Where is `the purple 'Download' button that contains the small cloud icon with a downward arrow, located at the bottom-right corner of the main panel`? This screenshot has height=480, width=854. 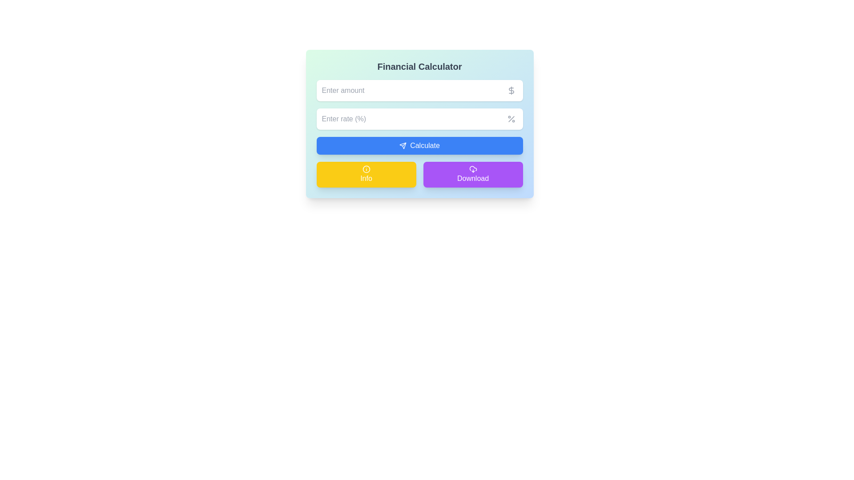 the purple 'Download' button that contains the small cloud icon with a downward arrow, located at the bottom-right corner of the main panel is located at coordinates (472, 169).